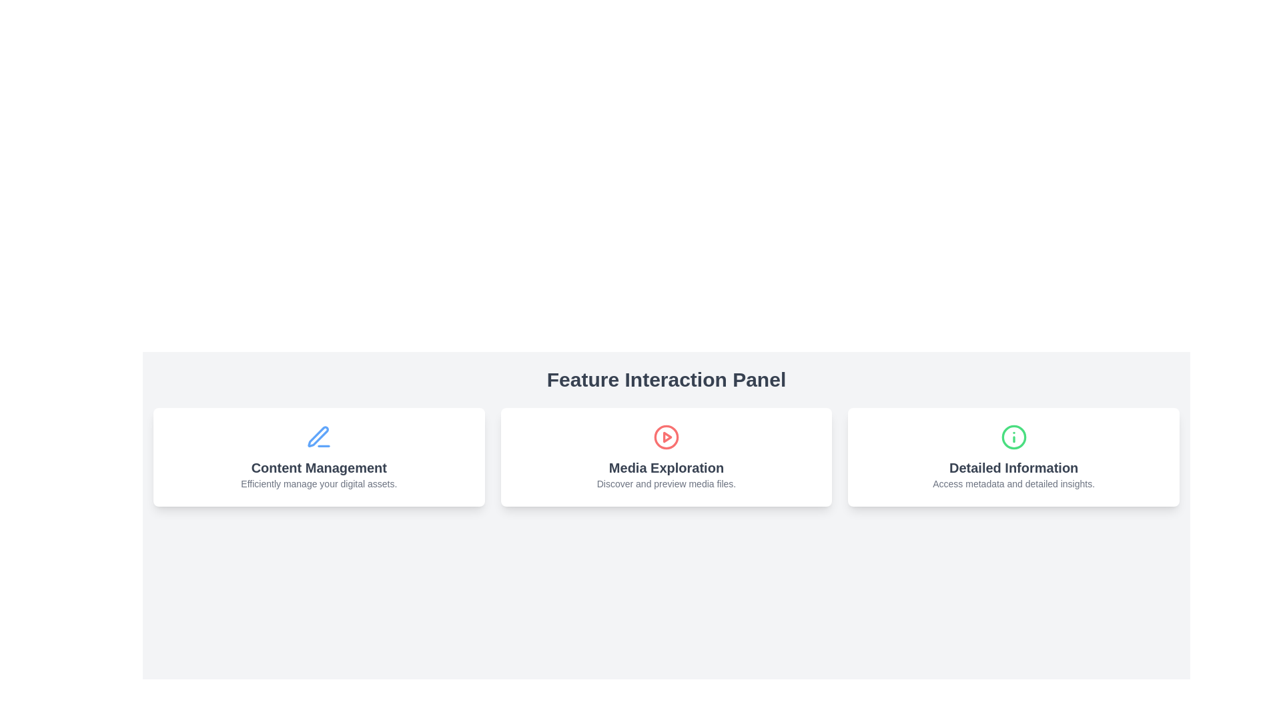 This screenshot has width=1281, height=720. I want to click on the text label displaying 'Detailed Information' in bold, extra-large dark gray font for additional information, so click(1013, 467).